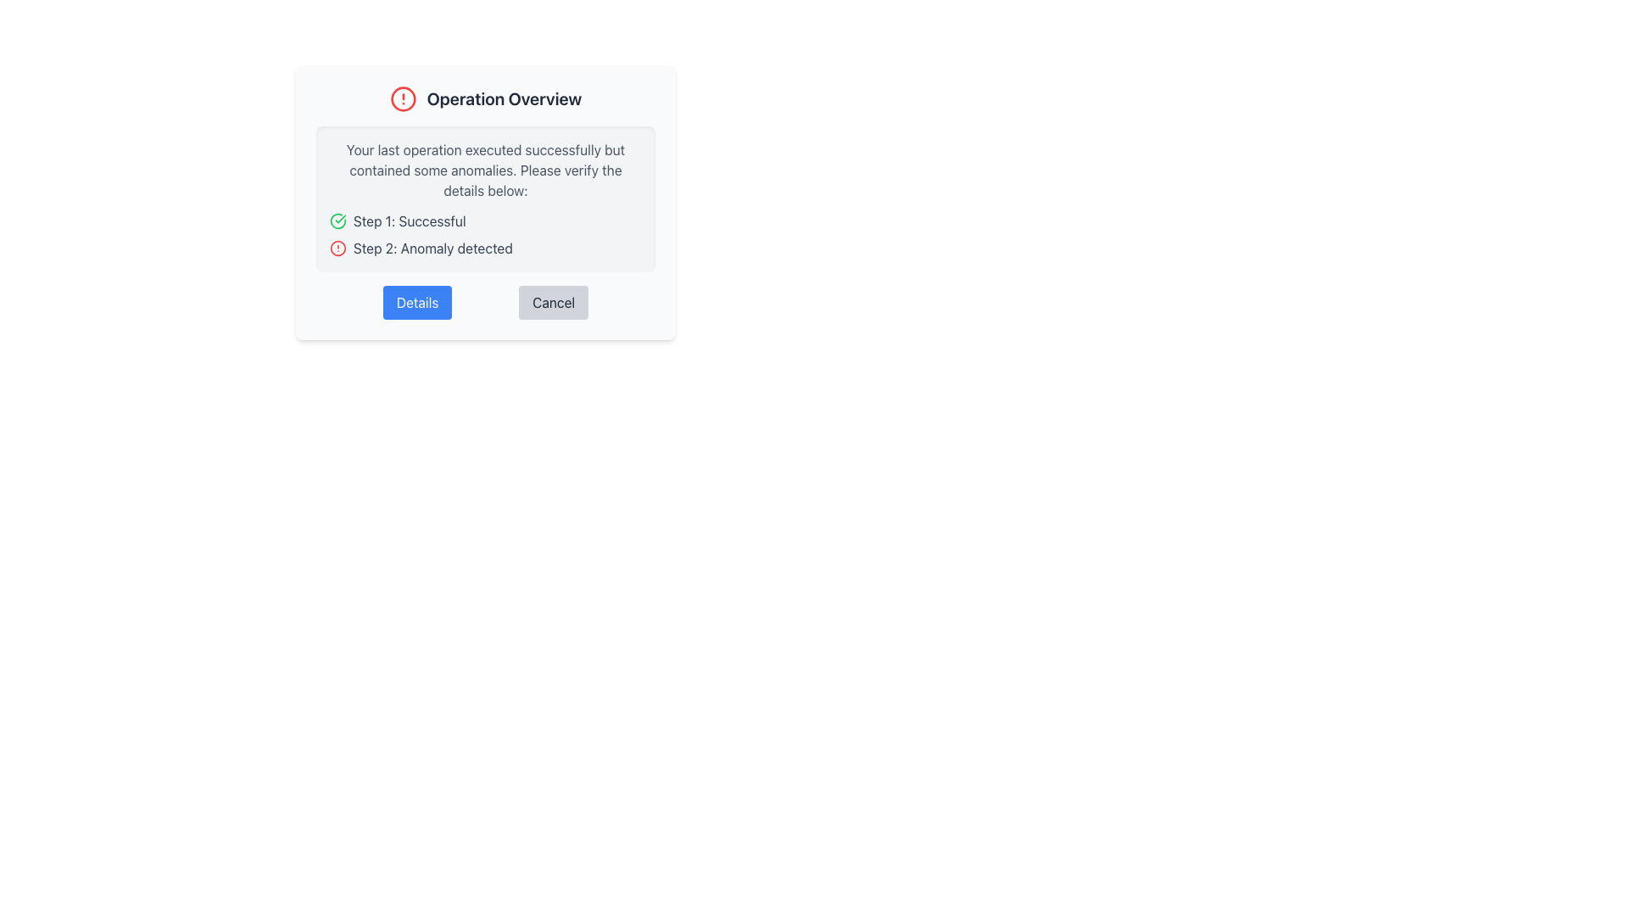 This screenshot has width=1628, height=916. Describe the element at coordinates (417, 302) in the screenshot. I see `the rectangular button labeled 'Details' with white text on a blue background to initiate the related action` at that location.